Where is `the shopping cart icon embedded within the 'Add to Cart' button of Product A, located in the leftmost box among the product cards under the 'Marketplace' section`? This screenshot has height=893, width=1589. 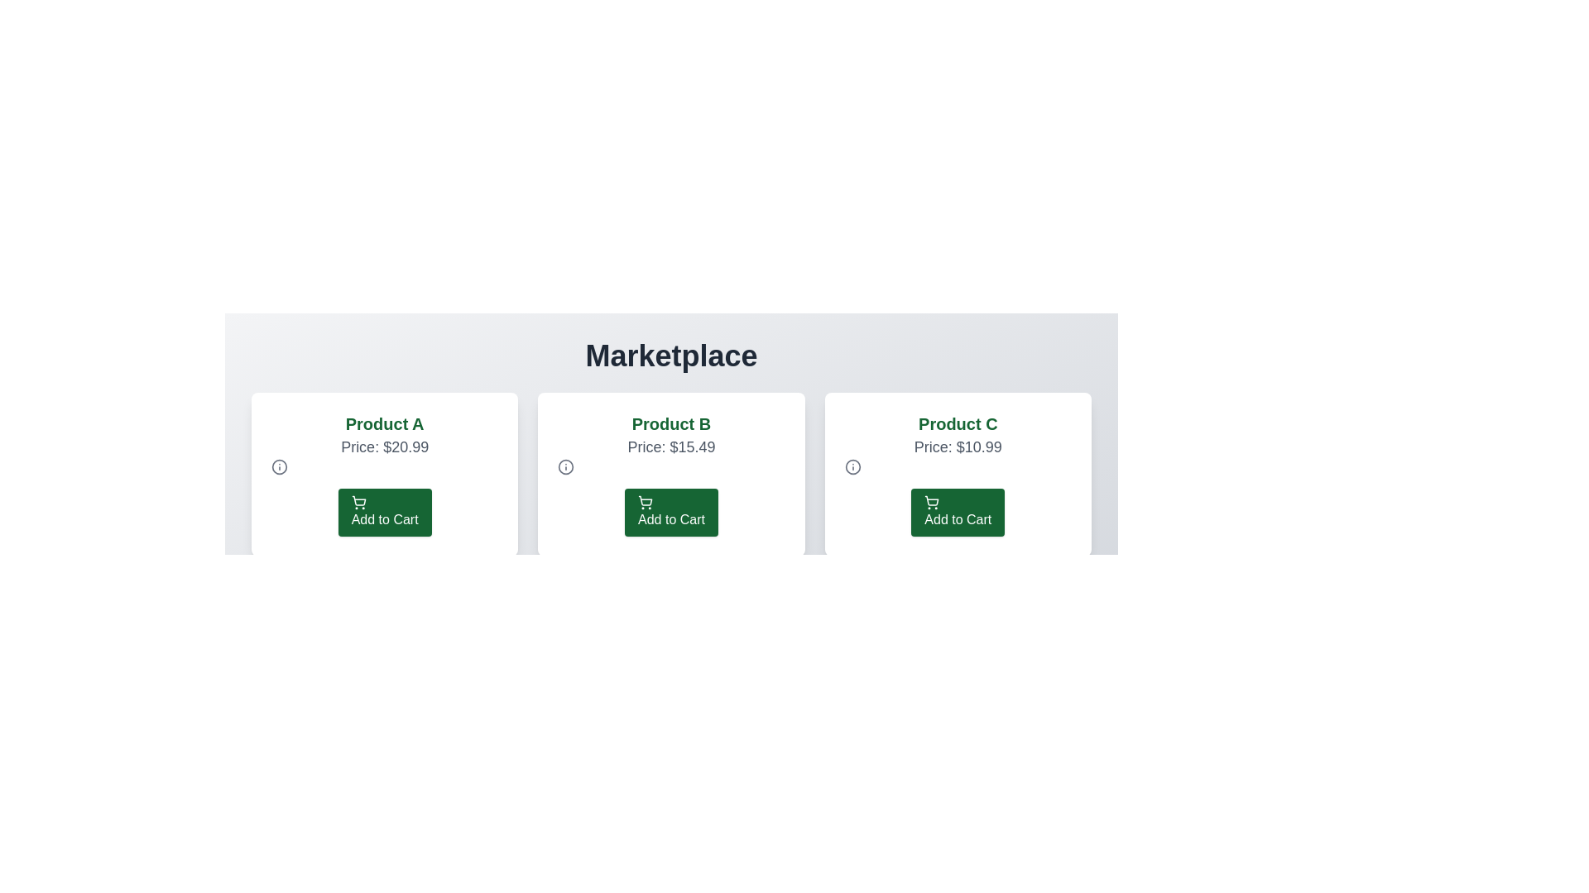
the shopping cart icon embedded within the 'Add to Cart' button of Product A, located in the leftmost box among the product cards under the 'Marketplace' section is located at coordinates (358, 499).